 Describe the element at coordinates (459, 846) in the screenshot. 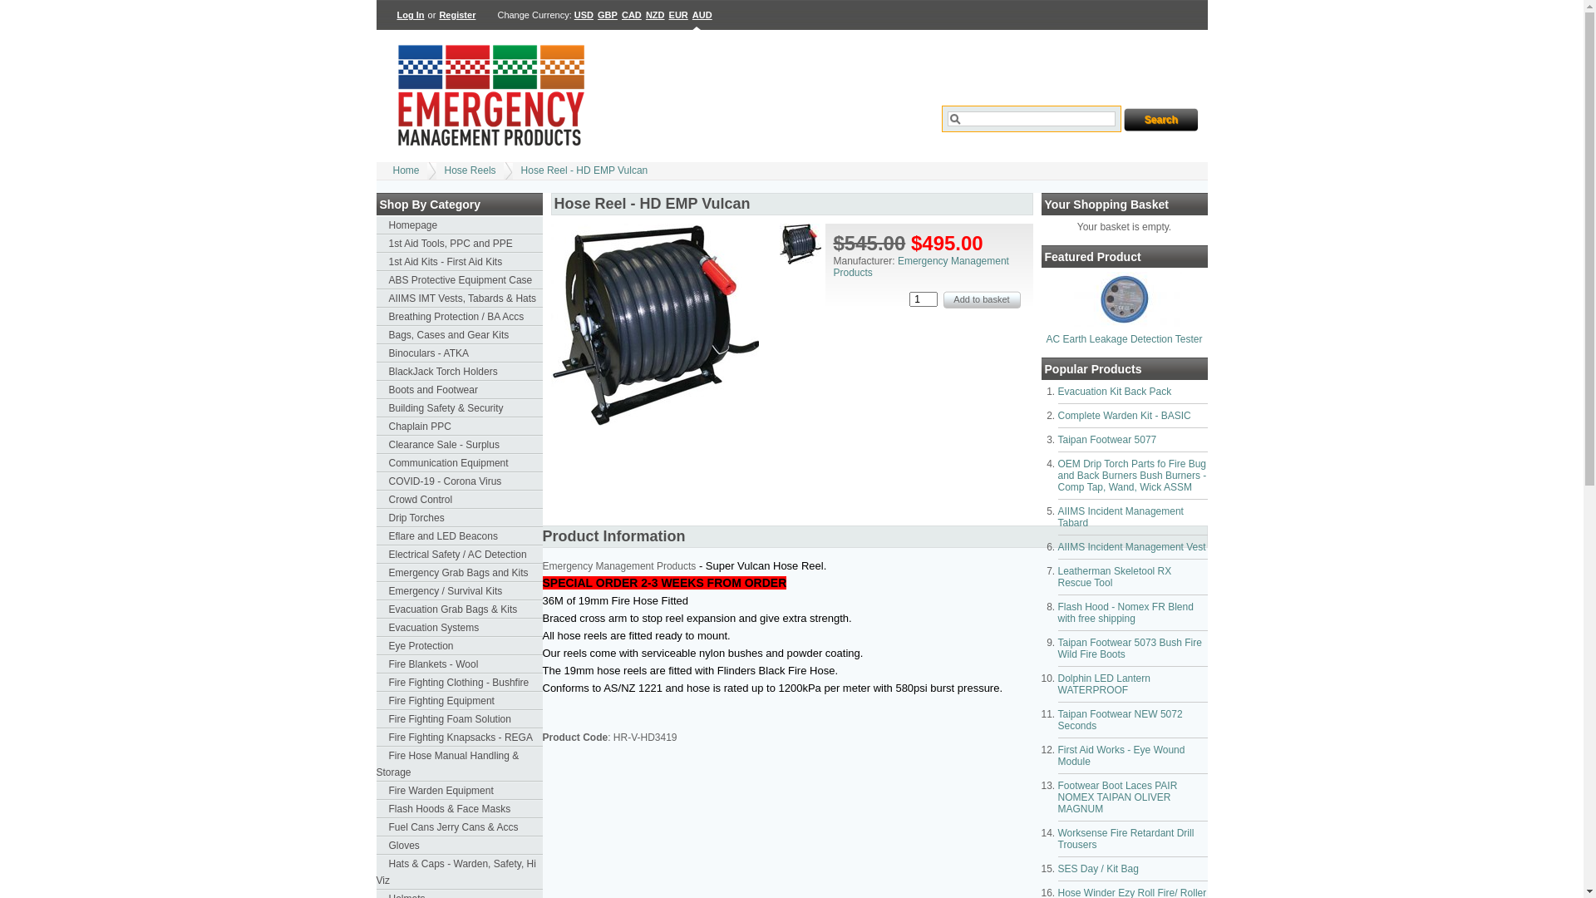

I see `'Gloves'` at that location.